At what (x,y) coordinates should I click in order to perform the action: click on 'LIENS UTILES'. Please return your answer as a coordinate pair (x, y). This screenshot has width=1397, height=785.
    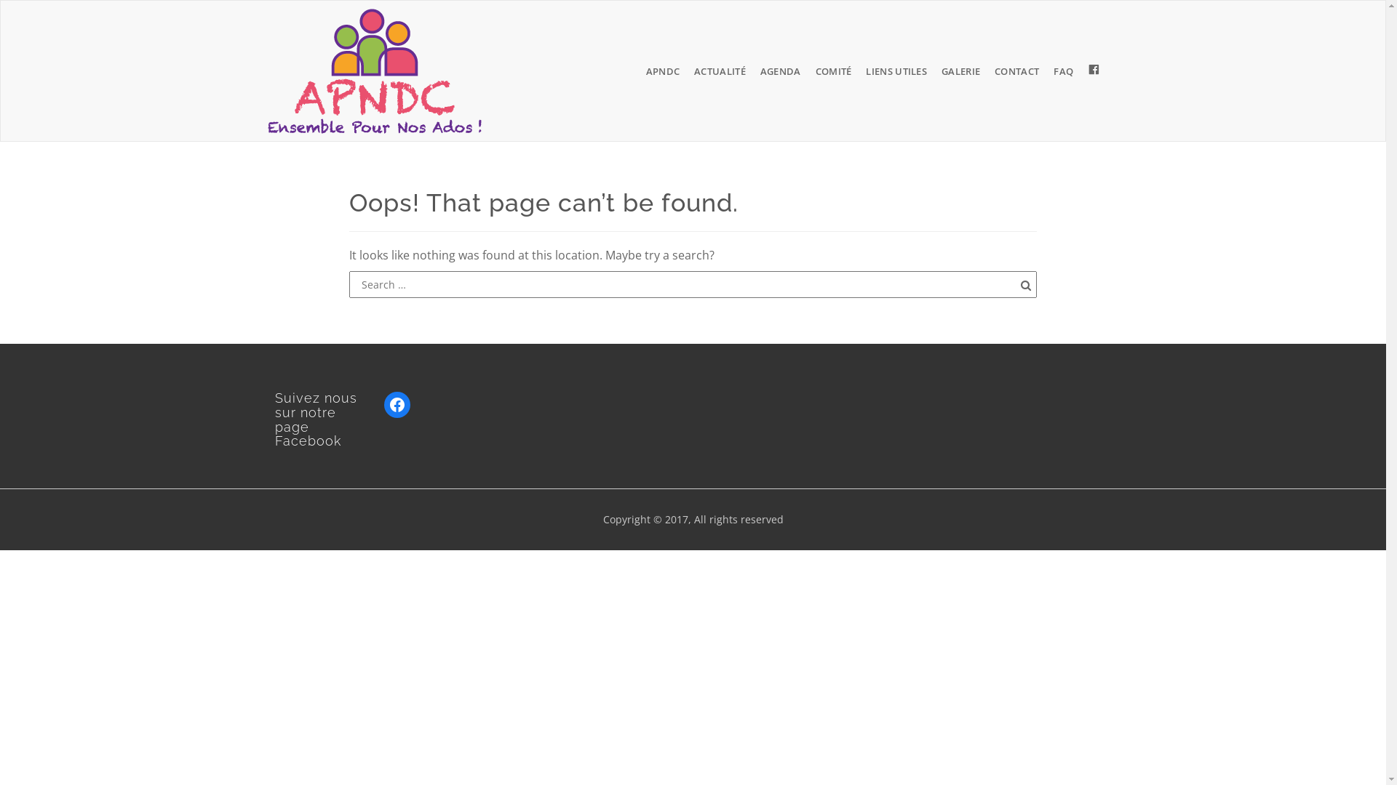
    Looking at the image, I should click on (896, 71).